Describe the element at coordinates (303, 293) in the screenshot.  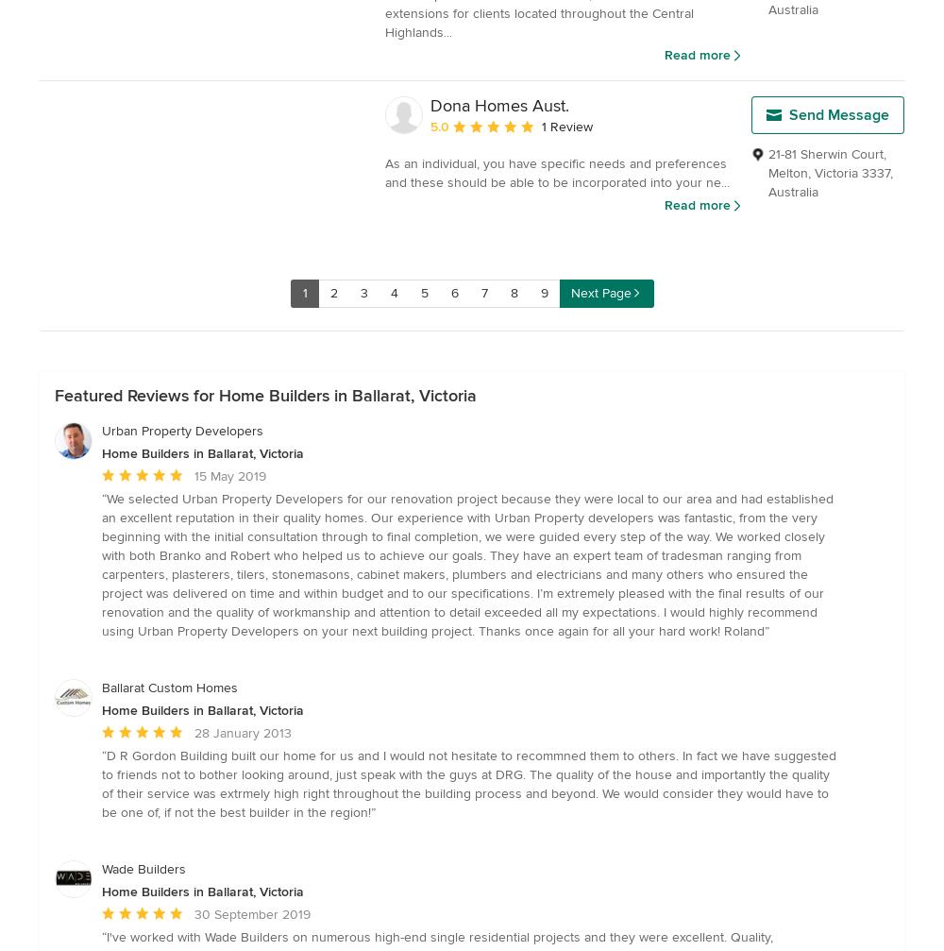
I see `'1'` at that location.